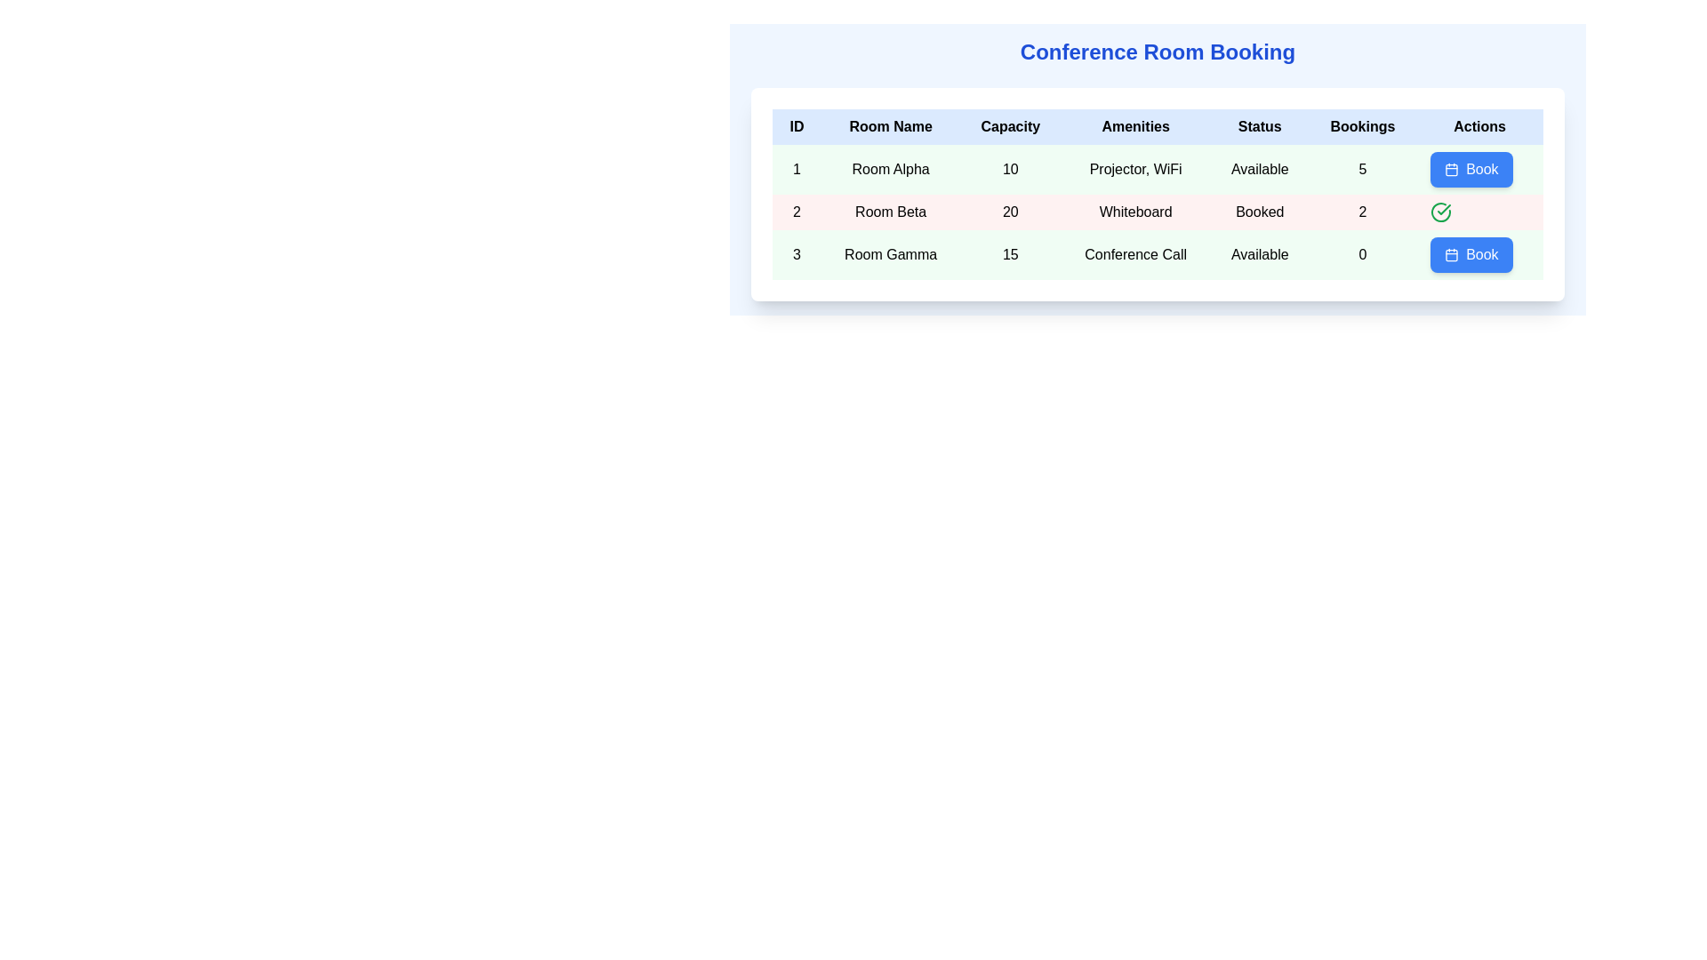 The image size is (1707, 960). I want to click on the table row displaying details about 'Room Beta' in the conference room booking system, which includes its capacity, amenities, current booking status, and the number of bookings, so click(1158, 212).